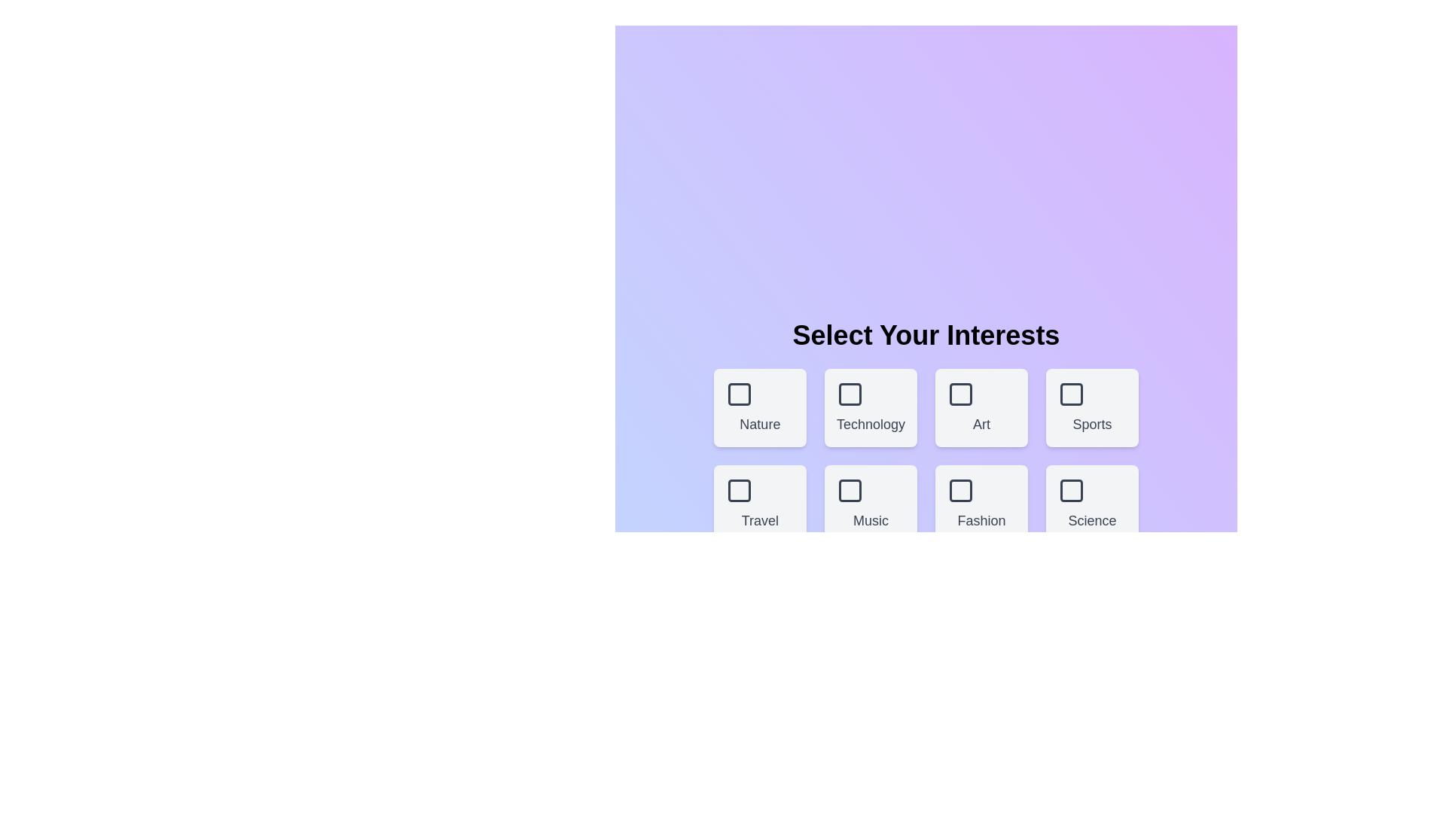  Describe the element at coordinates (981, 408) in the screenshot. I see `the theme box labeled Art` at that location.